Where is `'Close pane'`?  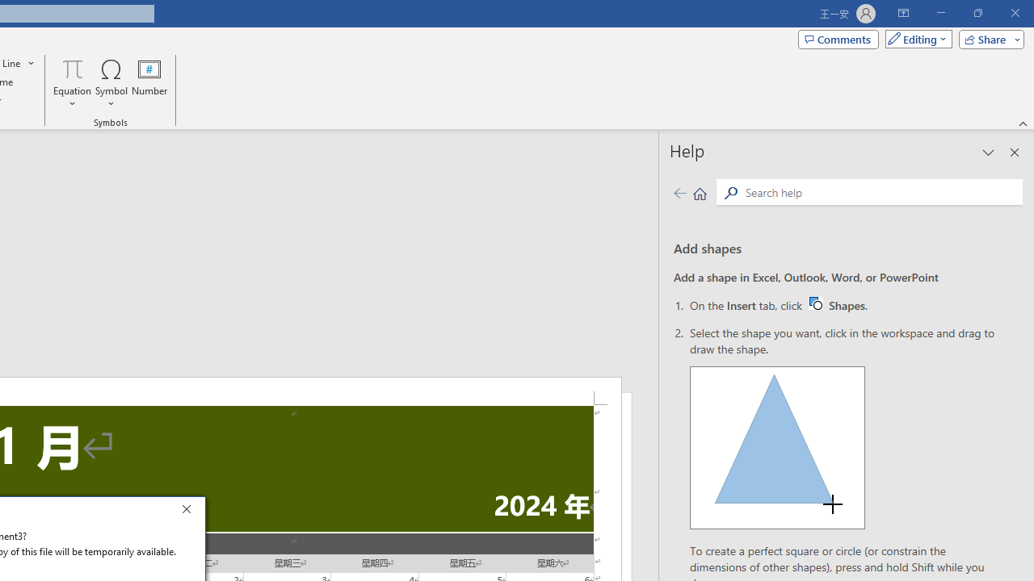 'Close pane' is located at coordinates (1014, 153).